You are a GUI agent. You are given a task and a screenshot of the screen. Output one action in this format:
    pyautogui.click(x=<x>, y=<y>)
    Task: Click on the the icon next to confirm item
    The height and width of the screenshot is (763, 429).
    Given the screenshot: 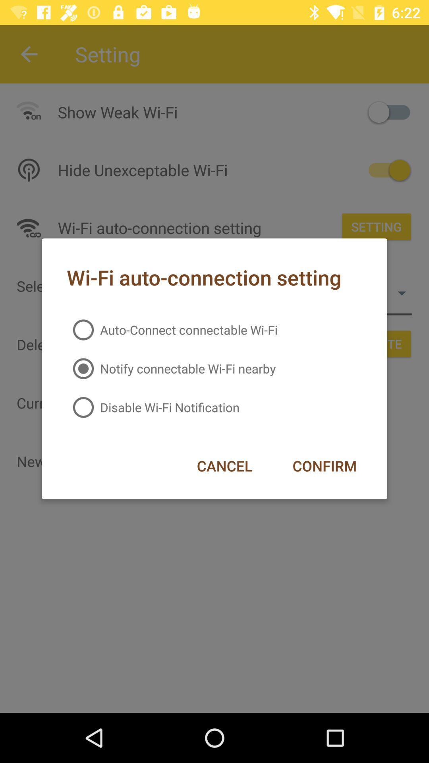 What is the action you would take?
    pyautogui.click(x=224, y=466)
    